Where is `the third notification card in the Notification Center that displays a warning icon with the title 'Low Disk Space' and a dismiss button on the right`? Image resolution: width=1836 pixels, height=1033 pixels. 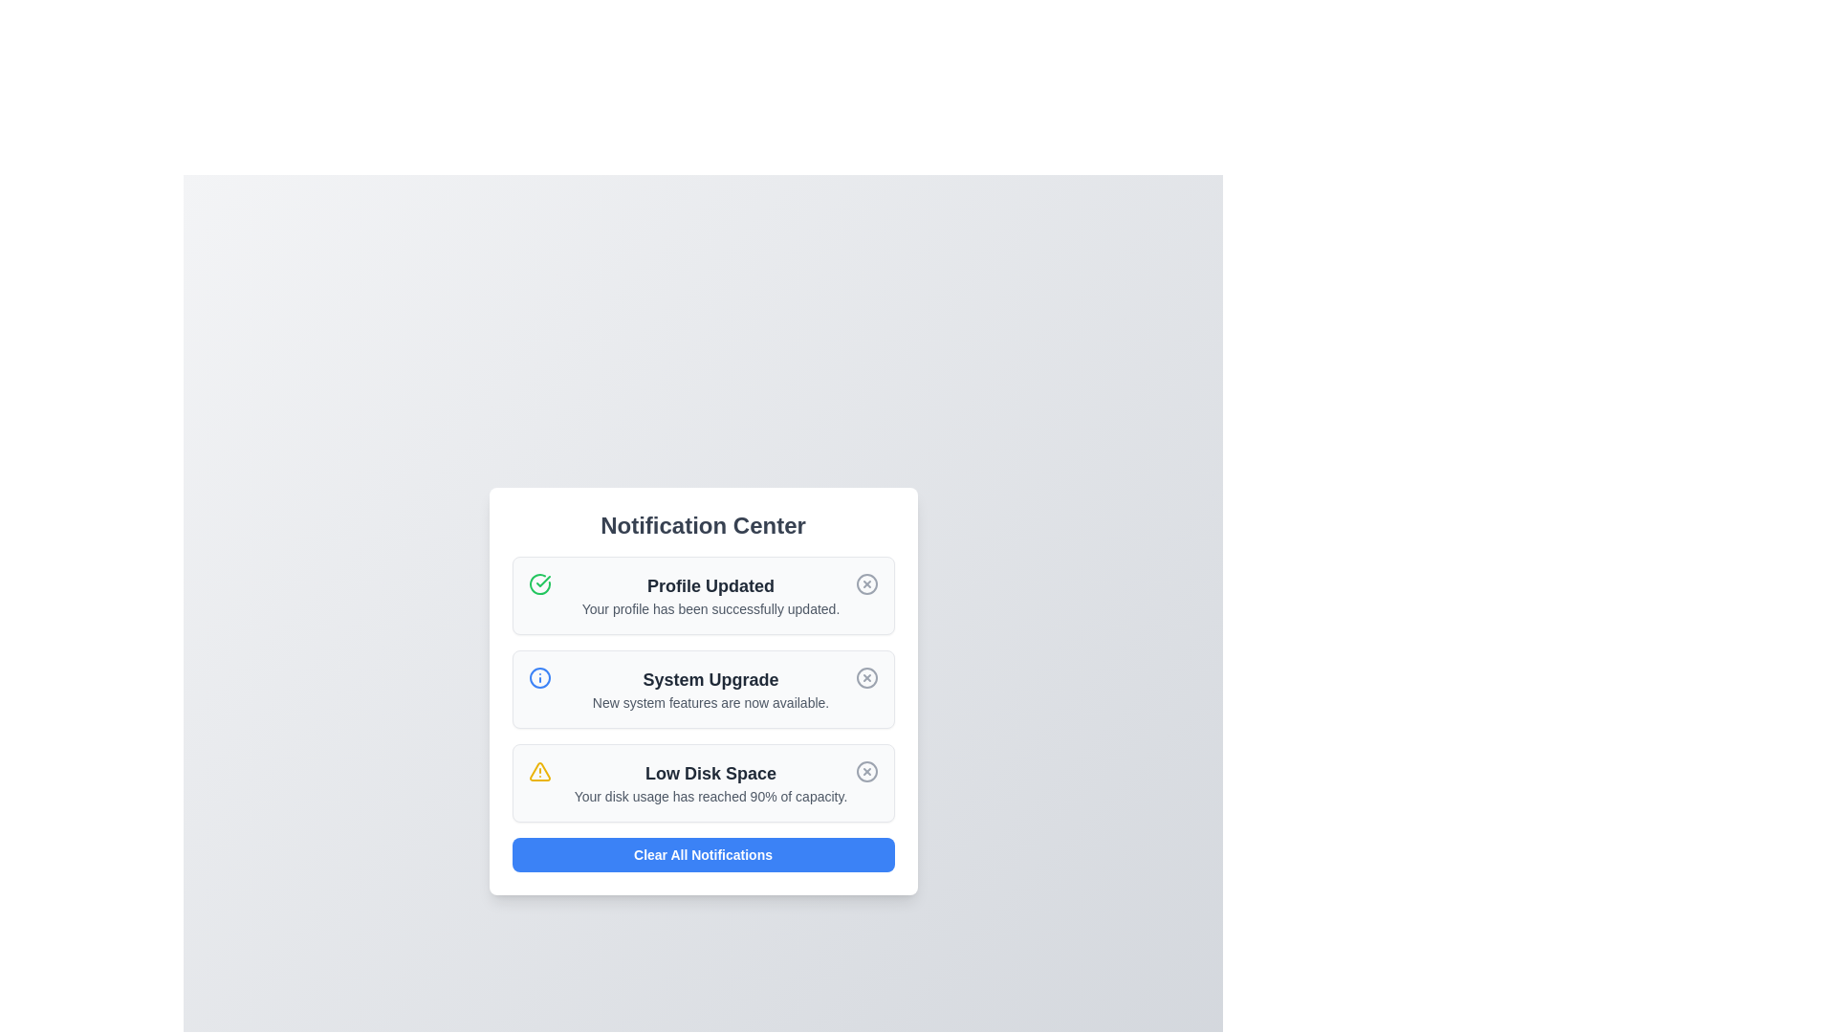
the third notification card in the Notification Center that displays a warning icon with the title 'Low Disk Space' and a dismiss button on the right is located at coordinates (702, 782).